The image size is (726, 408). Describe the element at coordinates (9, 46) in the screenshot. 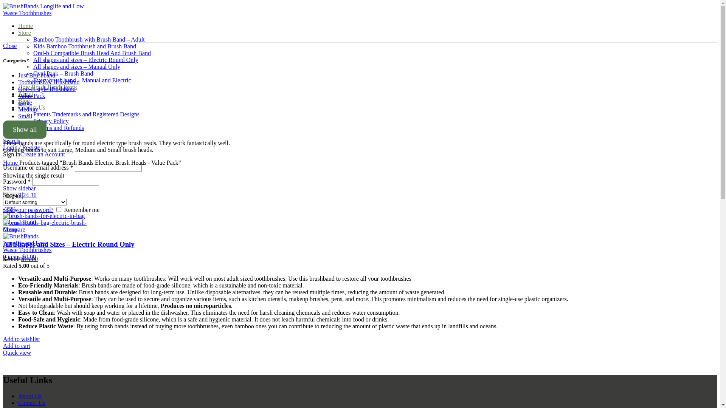

I see `'Close'` at that location.